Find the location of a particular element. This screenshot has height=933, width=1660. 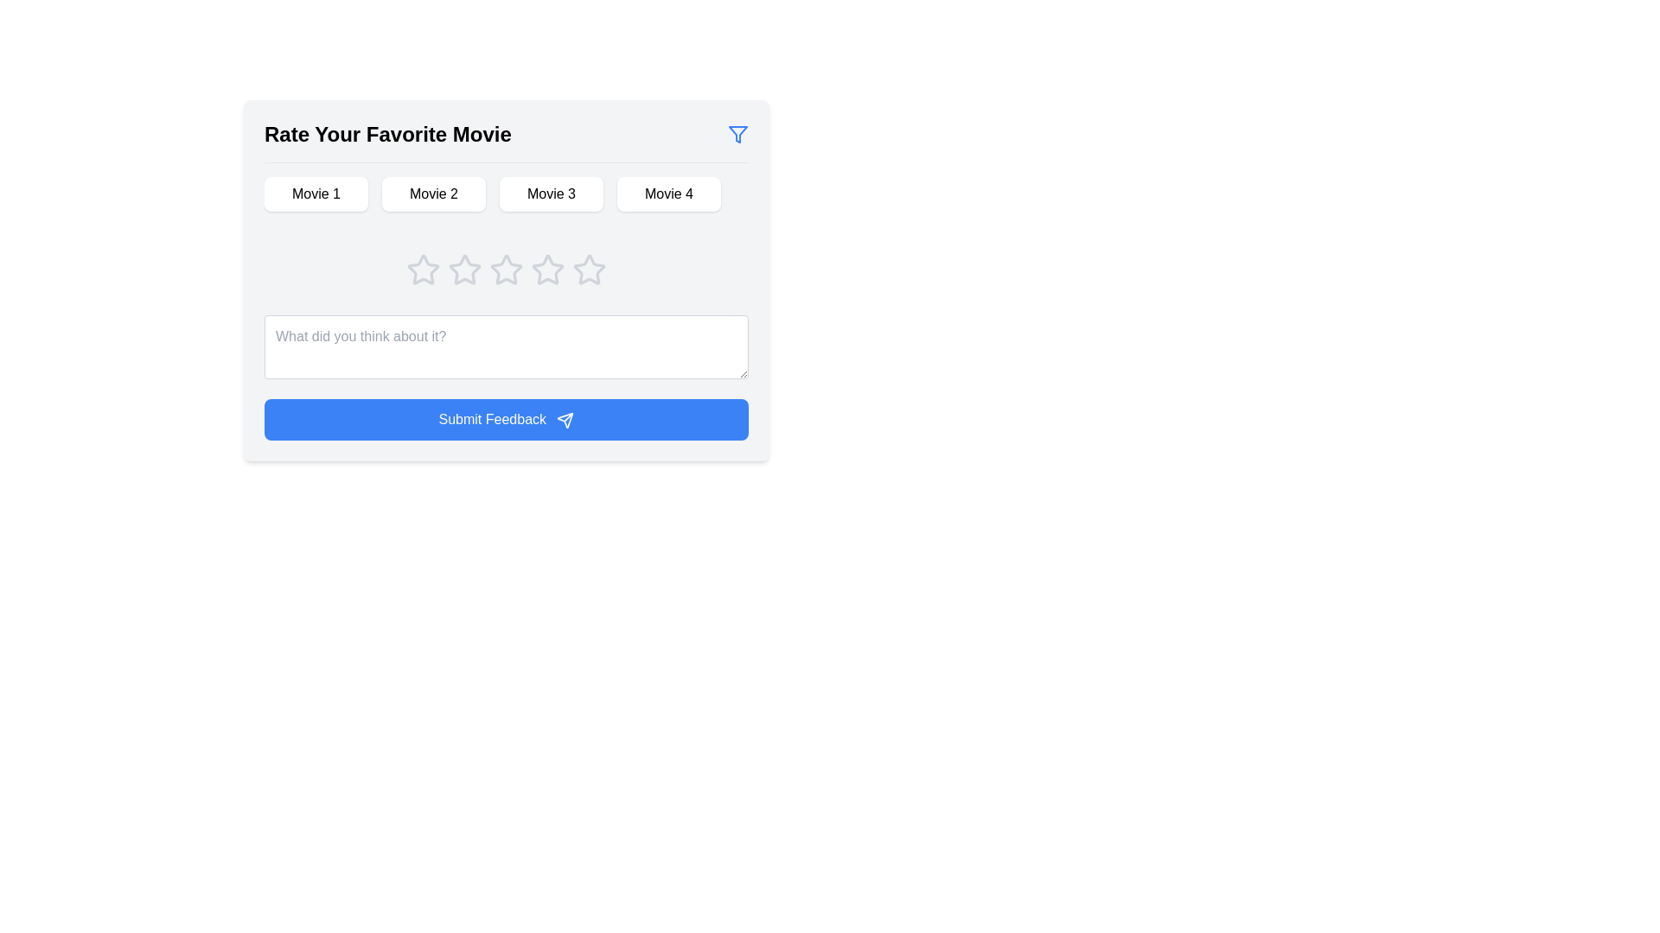

the button for 'Movie 4' located at the top-right part of the layout is located at coordinates (667, 194).